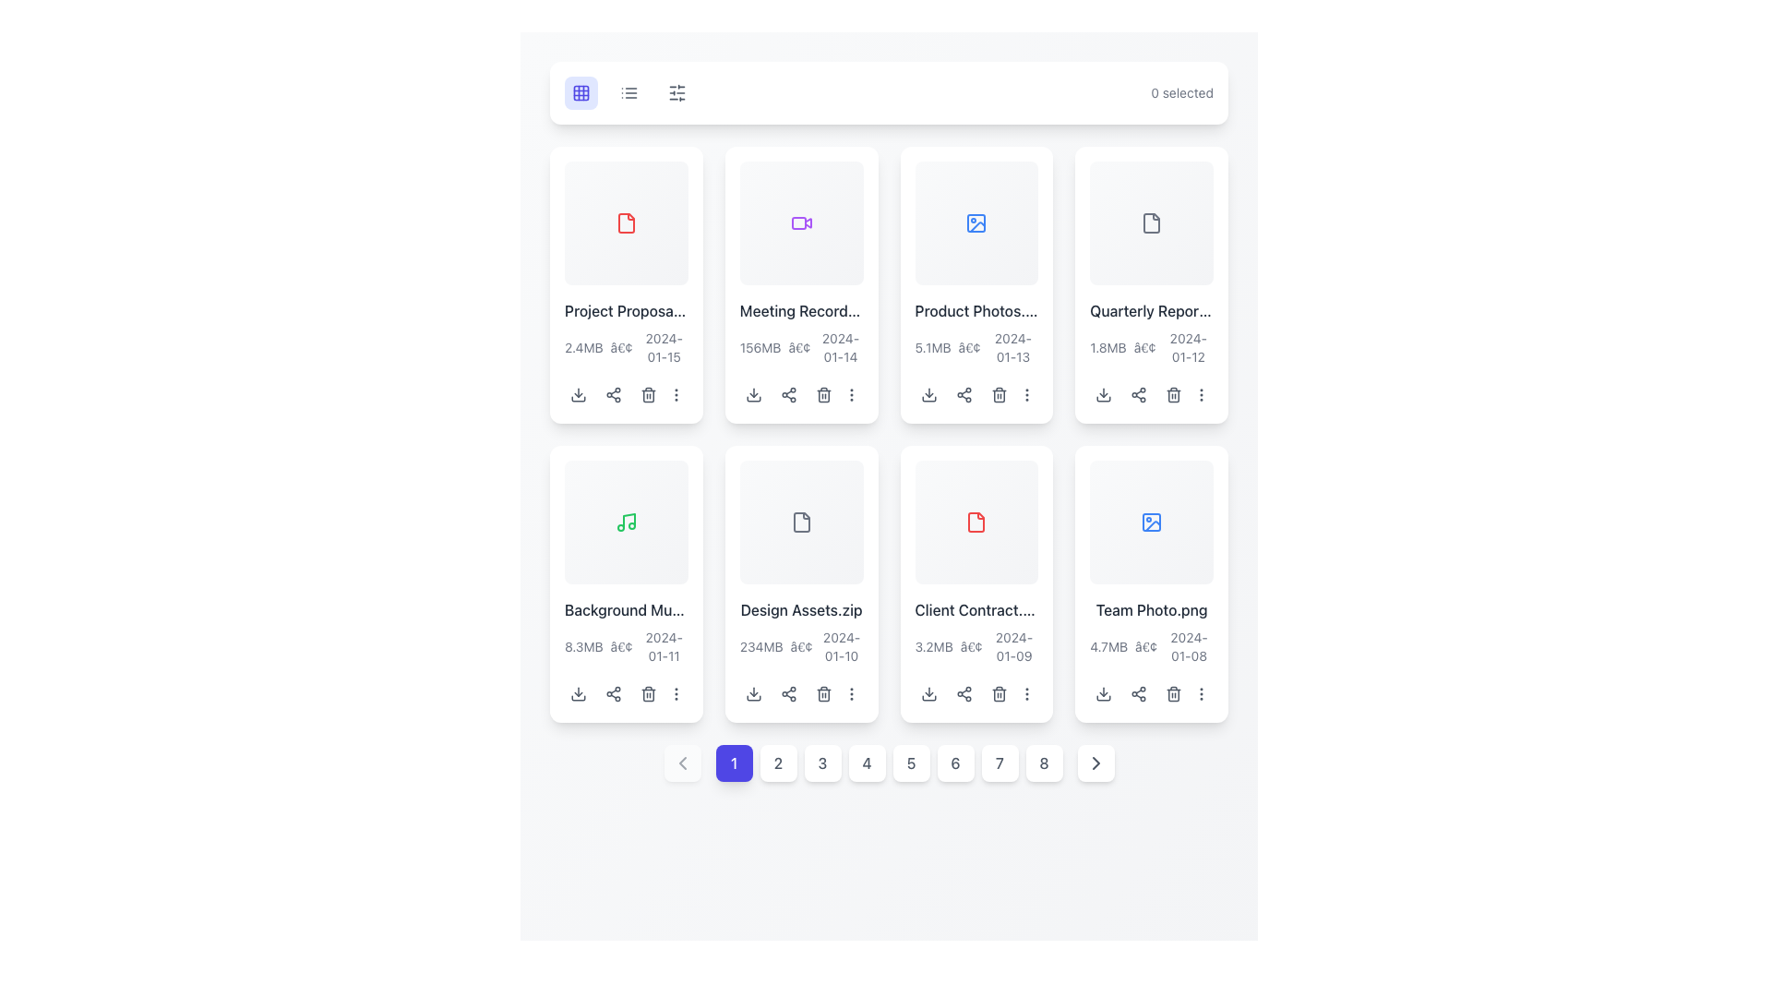 Image resolution: width=1772 pixels, height=997 pixels. I want to click on the delete button located in the bottom-right corner of the 'Team Photo.png' file card, which is the third interactive option in a horizontal row of icons, so click(1173, 693).